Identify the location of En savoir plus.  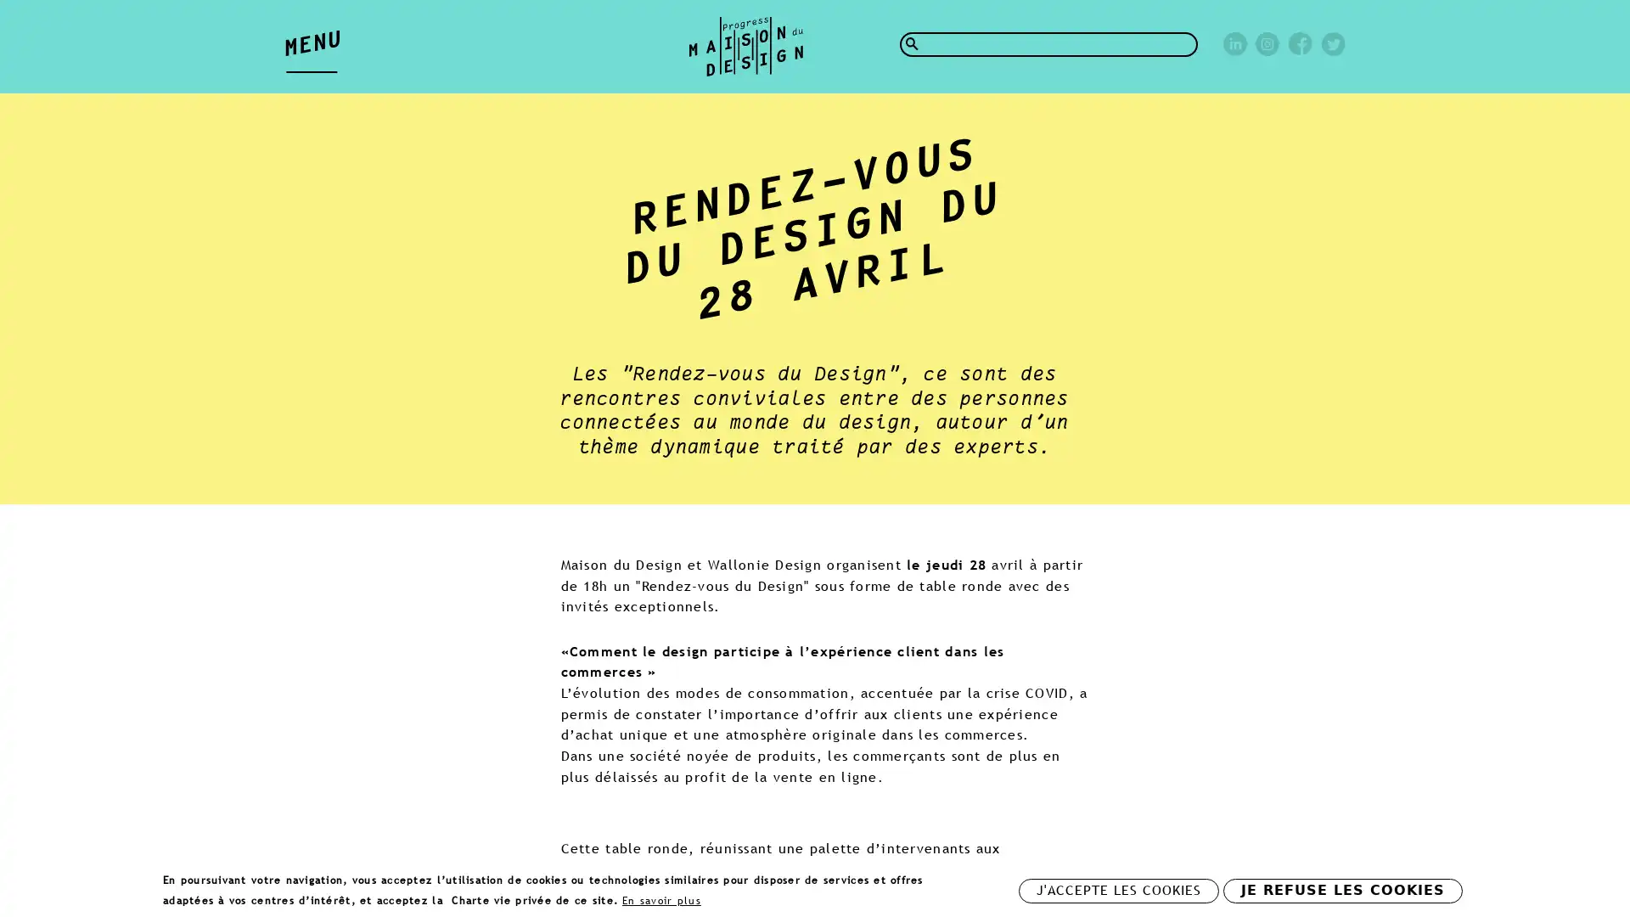
(660, 899).